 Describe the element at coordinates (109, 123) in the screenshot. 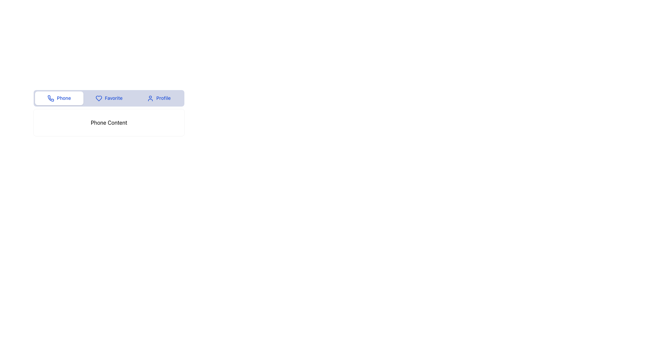

I see `the Content Panel that displays the text 'Phone Content' with a white background and black text, located below the tab interface for 'Phone', 'Favorite', and 'Profile'` at that location.